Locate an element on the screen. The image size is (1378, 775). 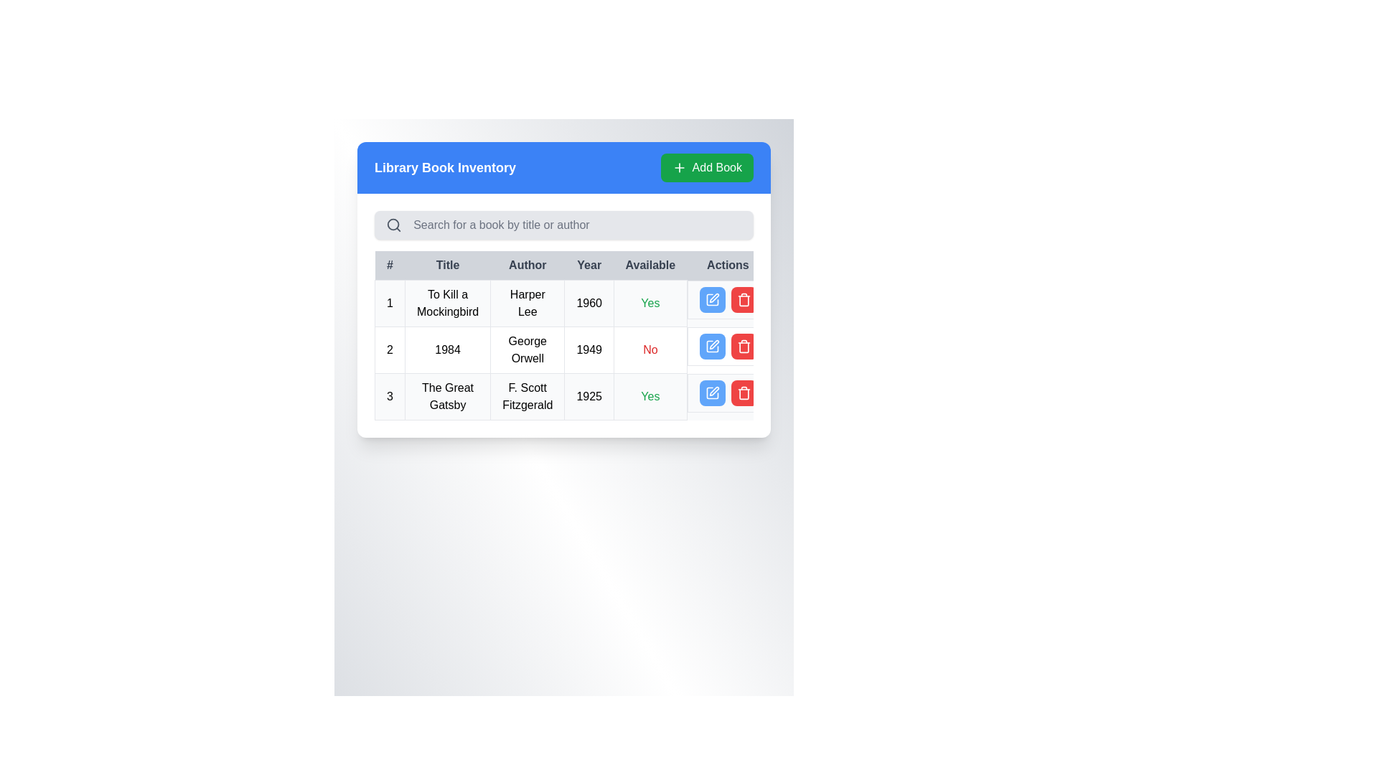
the text label displaying the year '1960' in the 'Year' column of the table for the book 'To Kill a Mockingbird' by 'Harper Lee' is located at coordinates (589, 303).